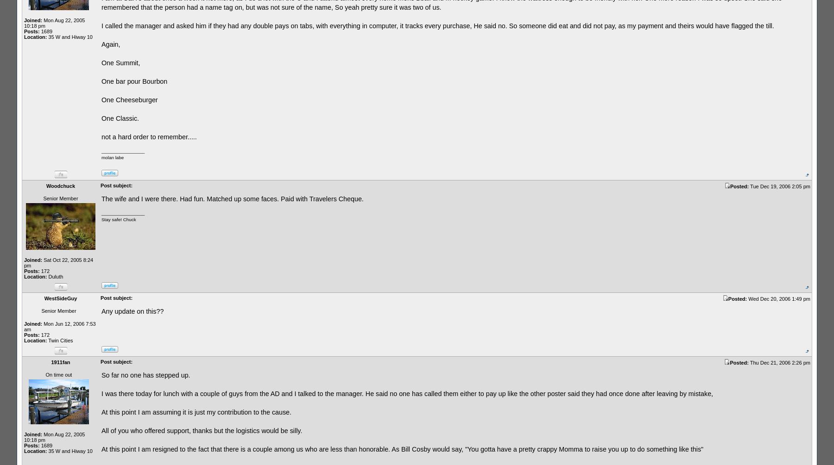  Describe the element at coordinates (112, 157) in the screenshot. I see `'molan labe'` at that location.